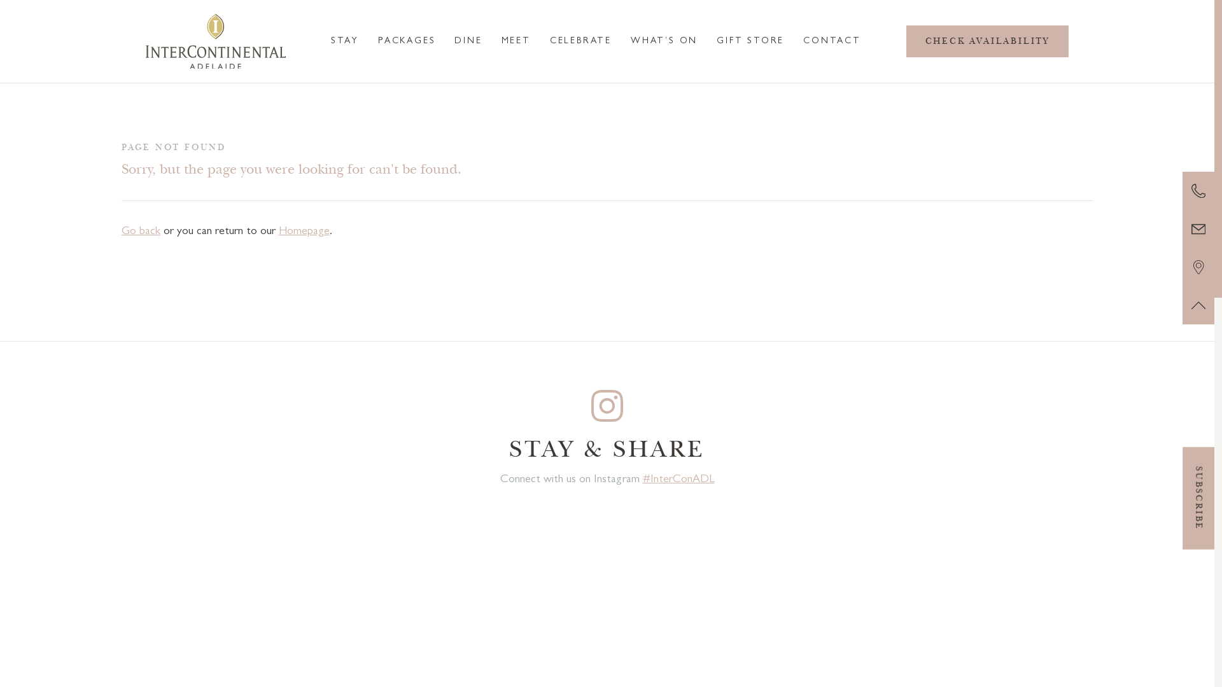 The height and width of the screenshot is (687, 1222). What do you see at coordinates (345, 41) in the screenshot?
I see `'STAY'` at bounding box center [345, 41].